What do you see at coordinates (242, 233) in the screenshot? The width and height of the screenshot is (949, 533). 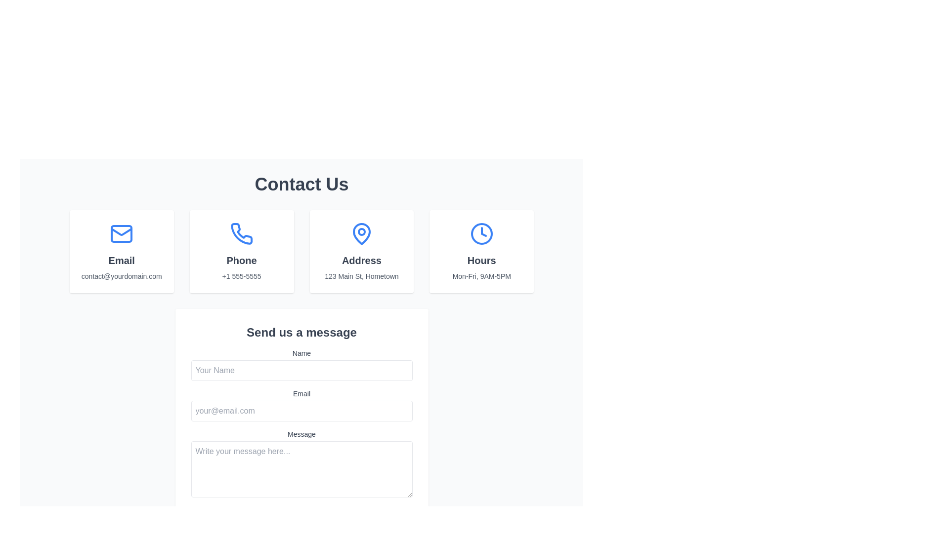 I see `the blue phone icon with a handset shape, which is located above the text 'Phone' and to the right of the 'Email' section` at bounding box center [242, 233].